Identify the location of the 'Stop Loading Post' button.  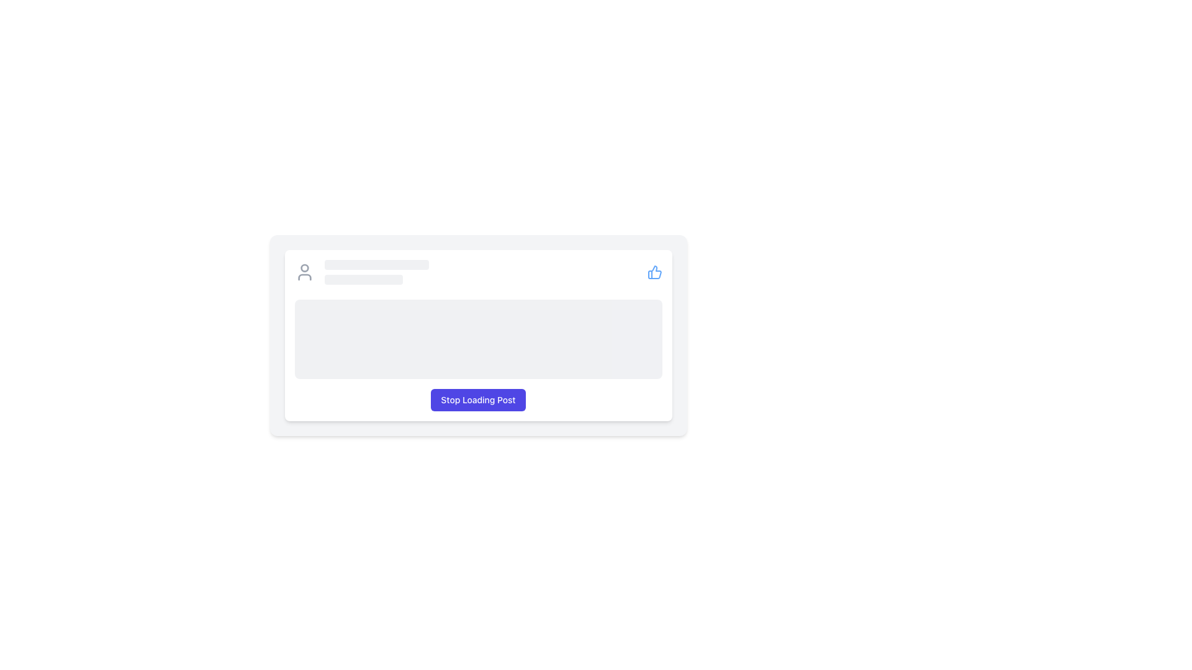
(477, 400).